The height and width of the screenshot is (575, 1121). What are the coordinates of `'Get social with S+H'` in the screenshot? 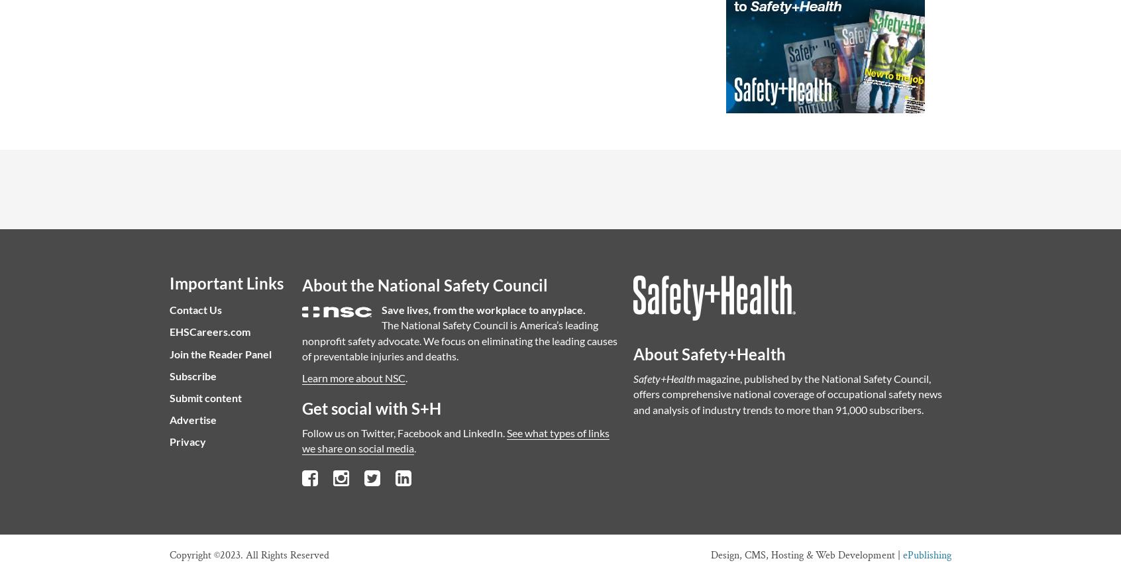 It's located at (372, 408).